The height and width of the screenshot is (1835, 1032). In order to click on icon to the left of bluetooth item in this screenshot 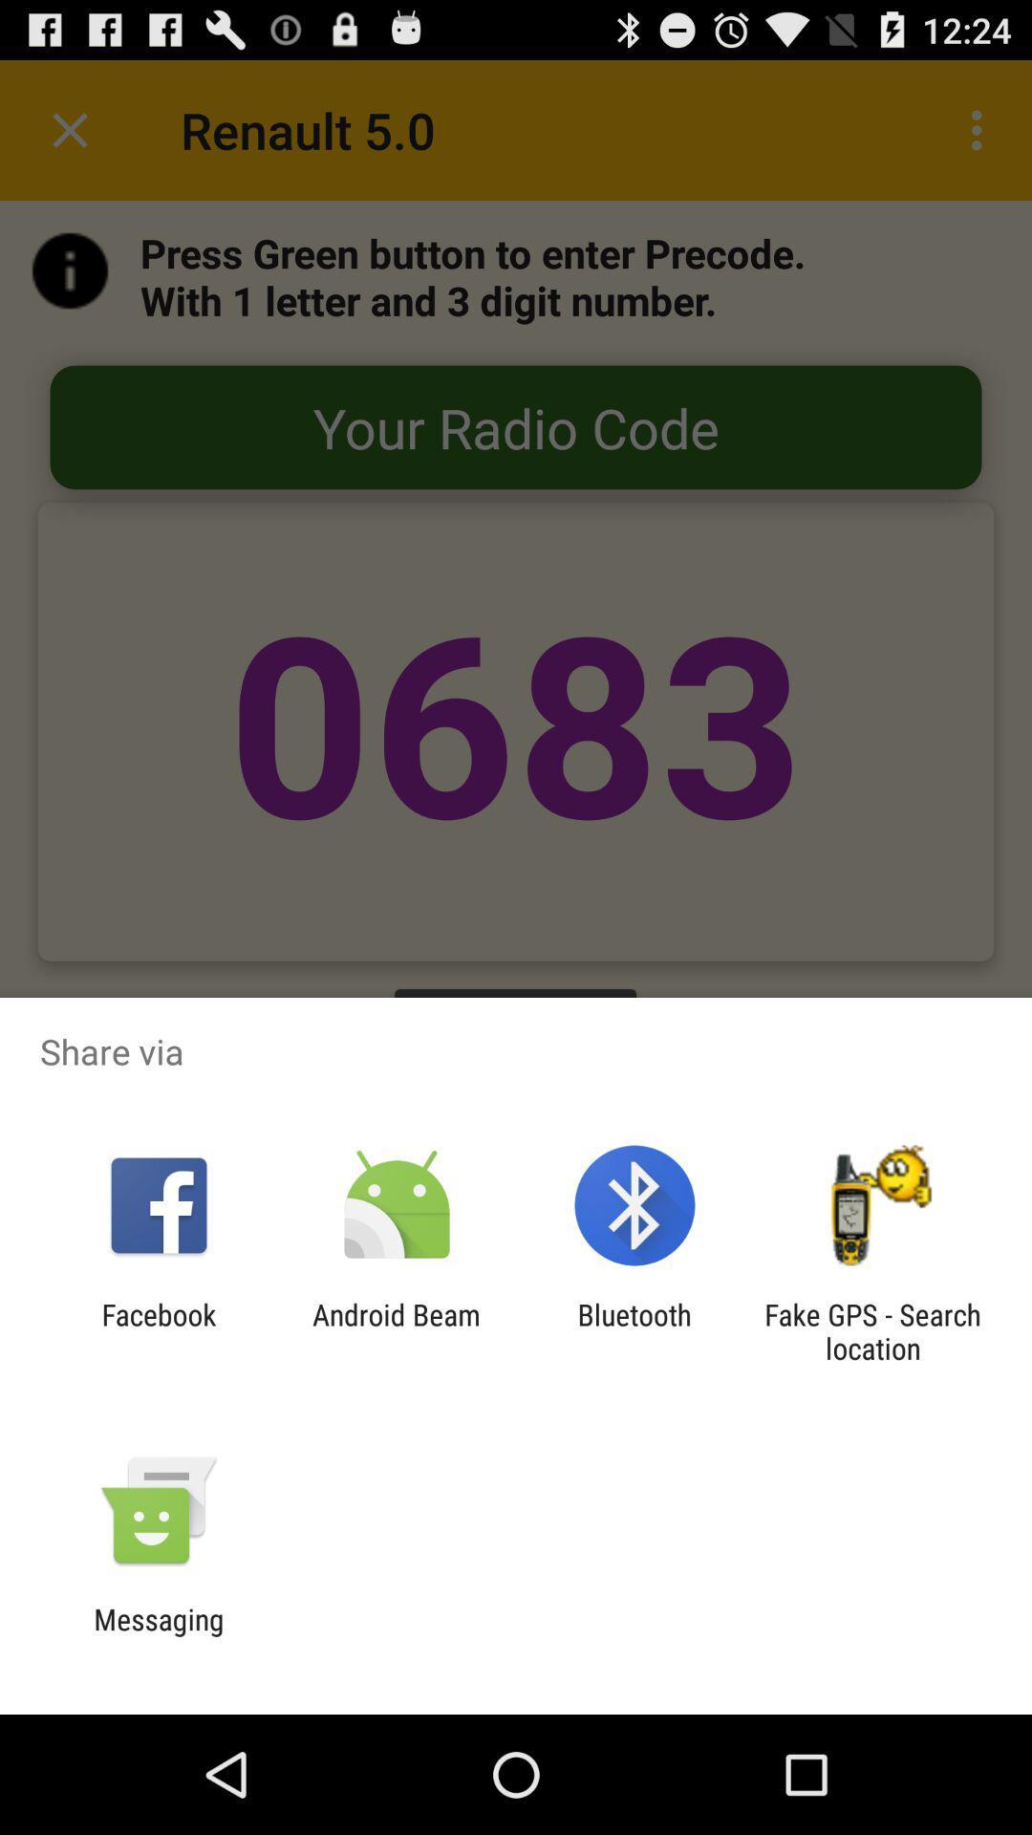, I will do `click(396, 1330)`.